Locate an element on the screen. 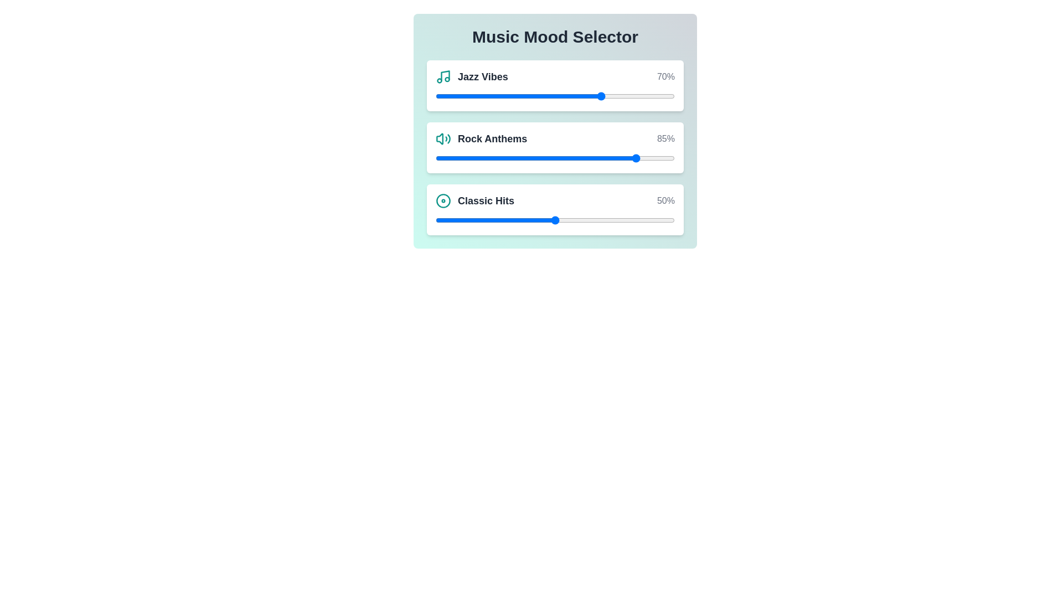 This screenshot has height=598, width=1063. the intensity of the 'Jazz Vibes' track to 8% by moving the slider is located at coordinates (455, 95).